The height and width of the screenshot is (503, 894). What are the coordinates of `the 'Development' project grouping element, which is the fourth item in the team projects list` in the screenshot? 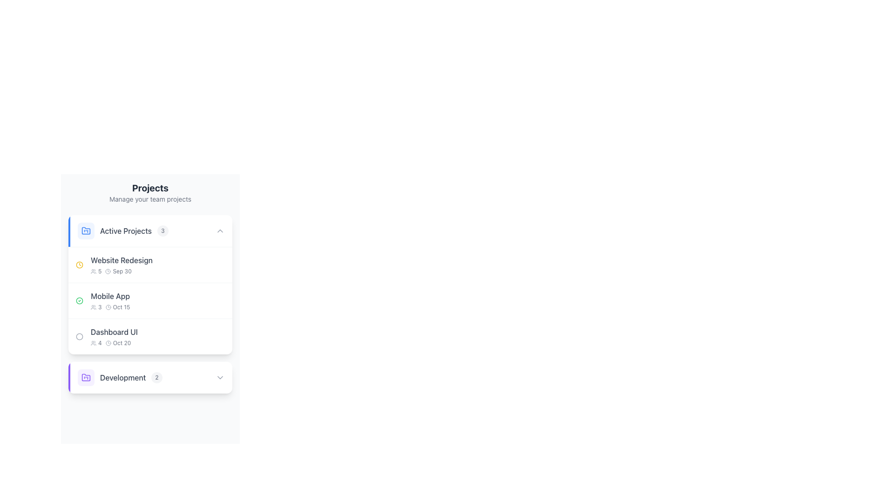 It's located at (119, 377).